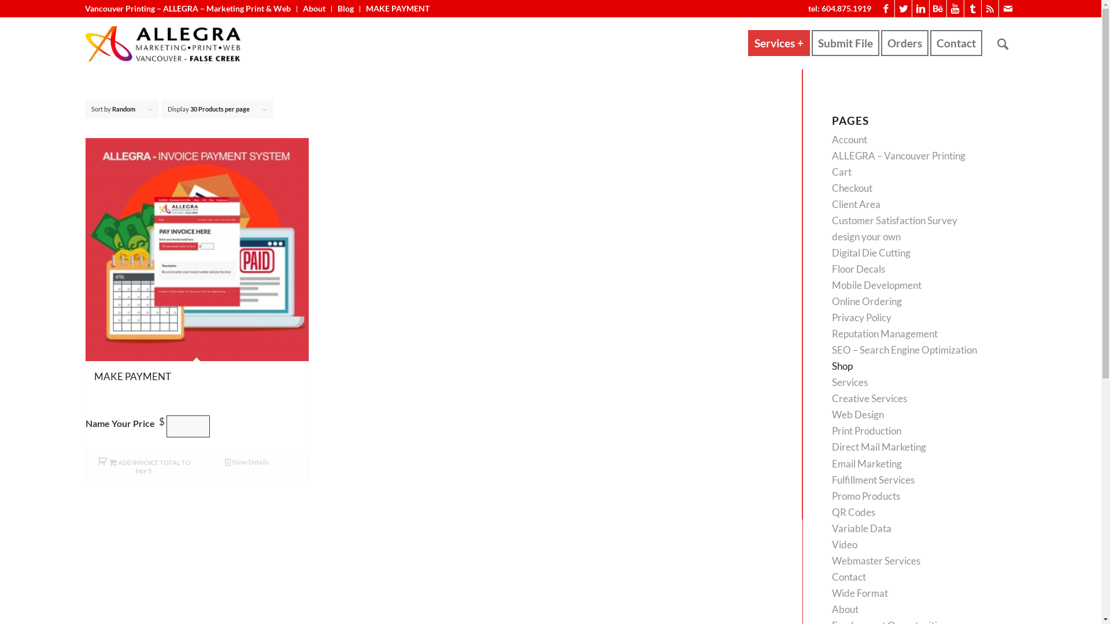  What do you see at coordinates (867, 463) in the screenshot?
I see `'Email Marketing'` at bounding box center [867, 463].